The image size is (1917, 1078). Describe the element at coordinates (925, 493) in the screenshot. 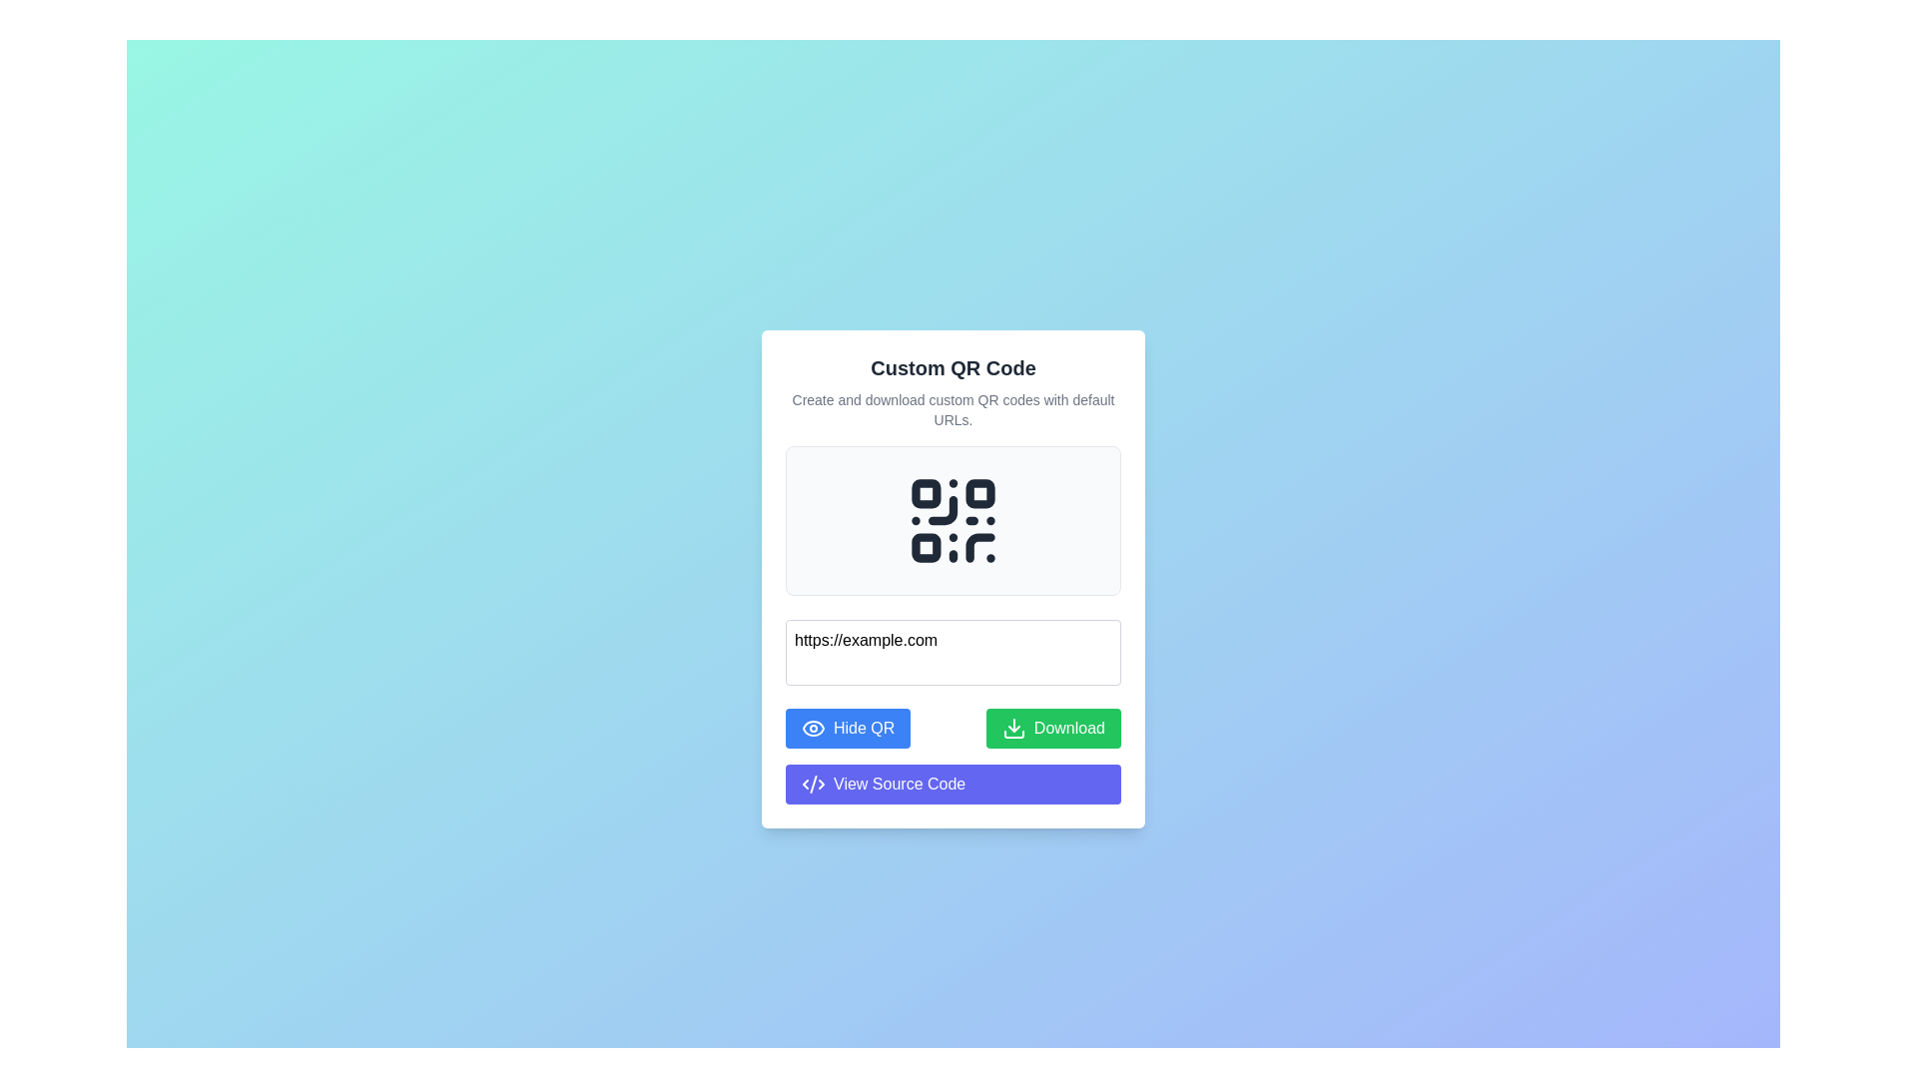

I see `the top-left black square with rounded corners in the QR code structure, which is the first element in a series of three similar squares` at that location.